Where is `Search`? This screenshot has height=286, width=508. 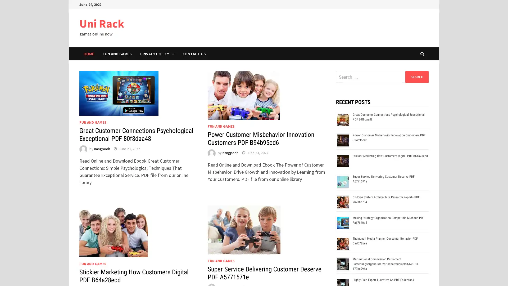
Search is located at coordinates (416, 77).